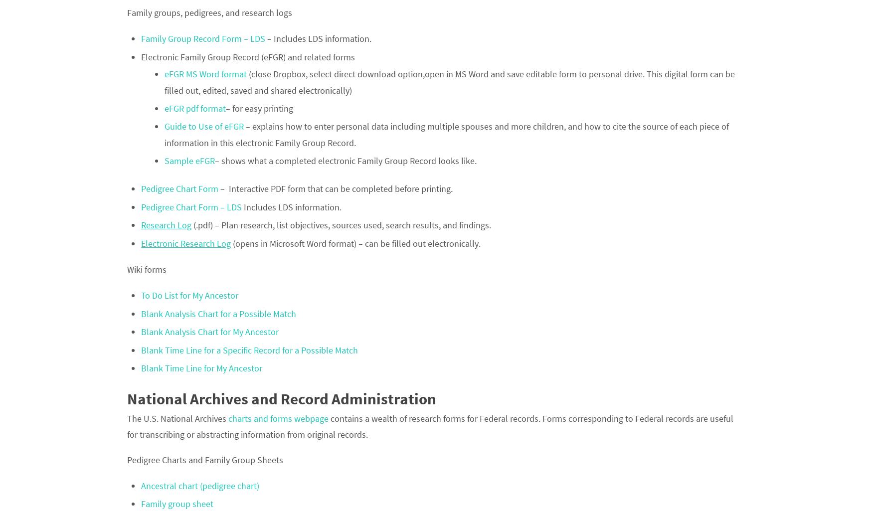 The height and width of the screenshot is (522, 872). I want to click on 'contains a wealth of research forms for Federal records. Forms corresponding to Federal records are useful for transcribing or abstracting information from original records.', so click(126, 426).